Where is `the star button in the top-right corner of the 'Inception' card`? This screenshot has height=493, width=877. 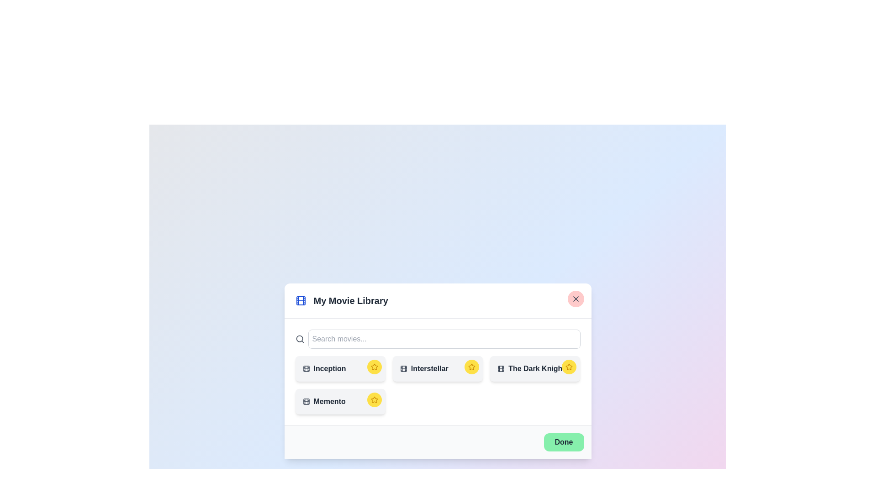 the star button in the top-right corner of the 'Inception' card is located at coordinates (374, 366).